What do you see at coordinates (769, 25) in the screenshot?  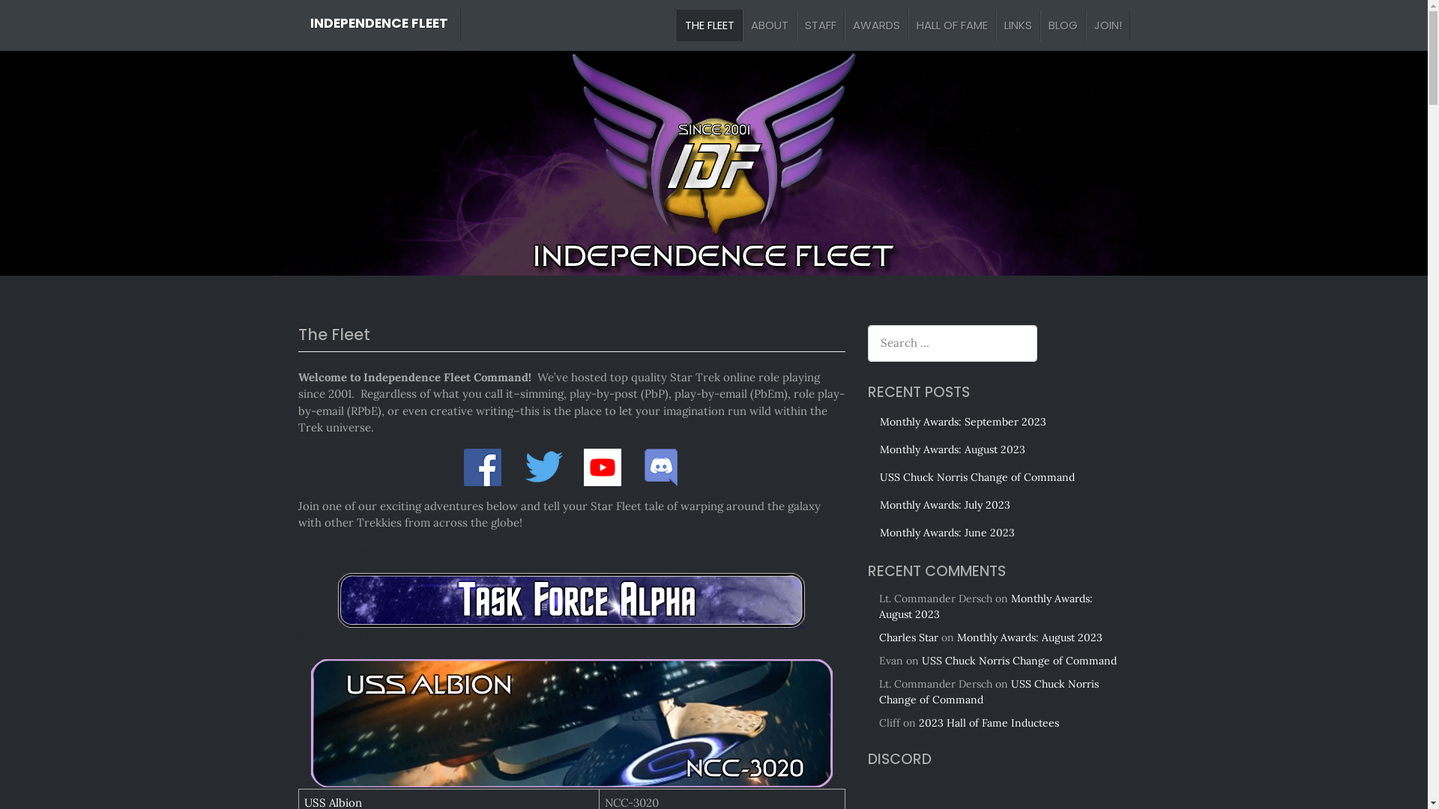 I see `'ABOUT'` at bounding box center [769, 25].